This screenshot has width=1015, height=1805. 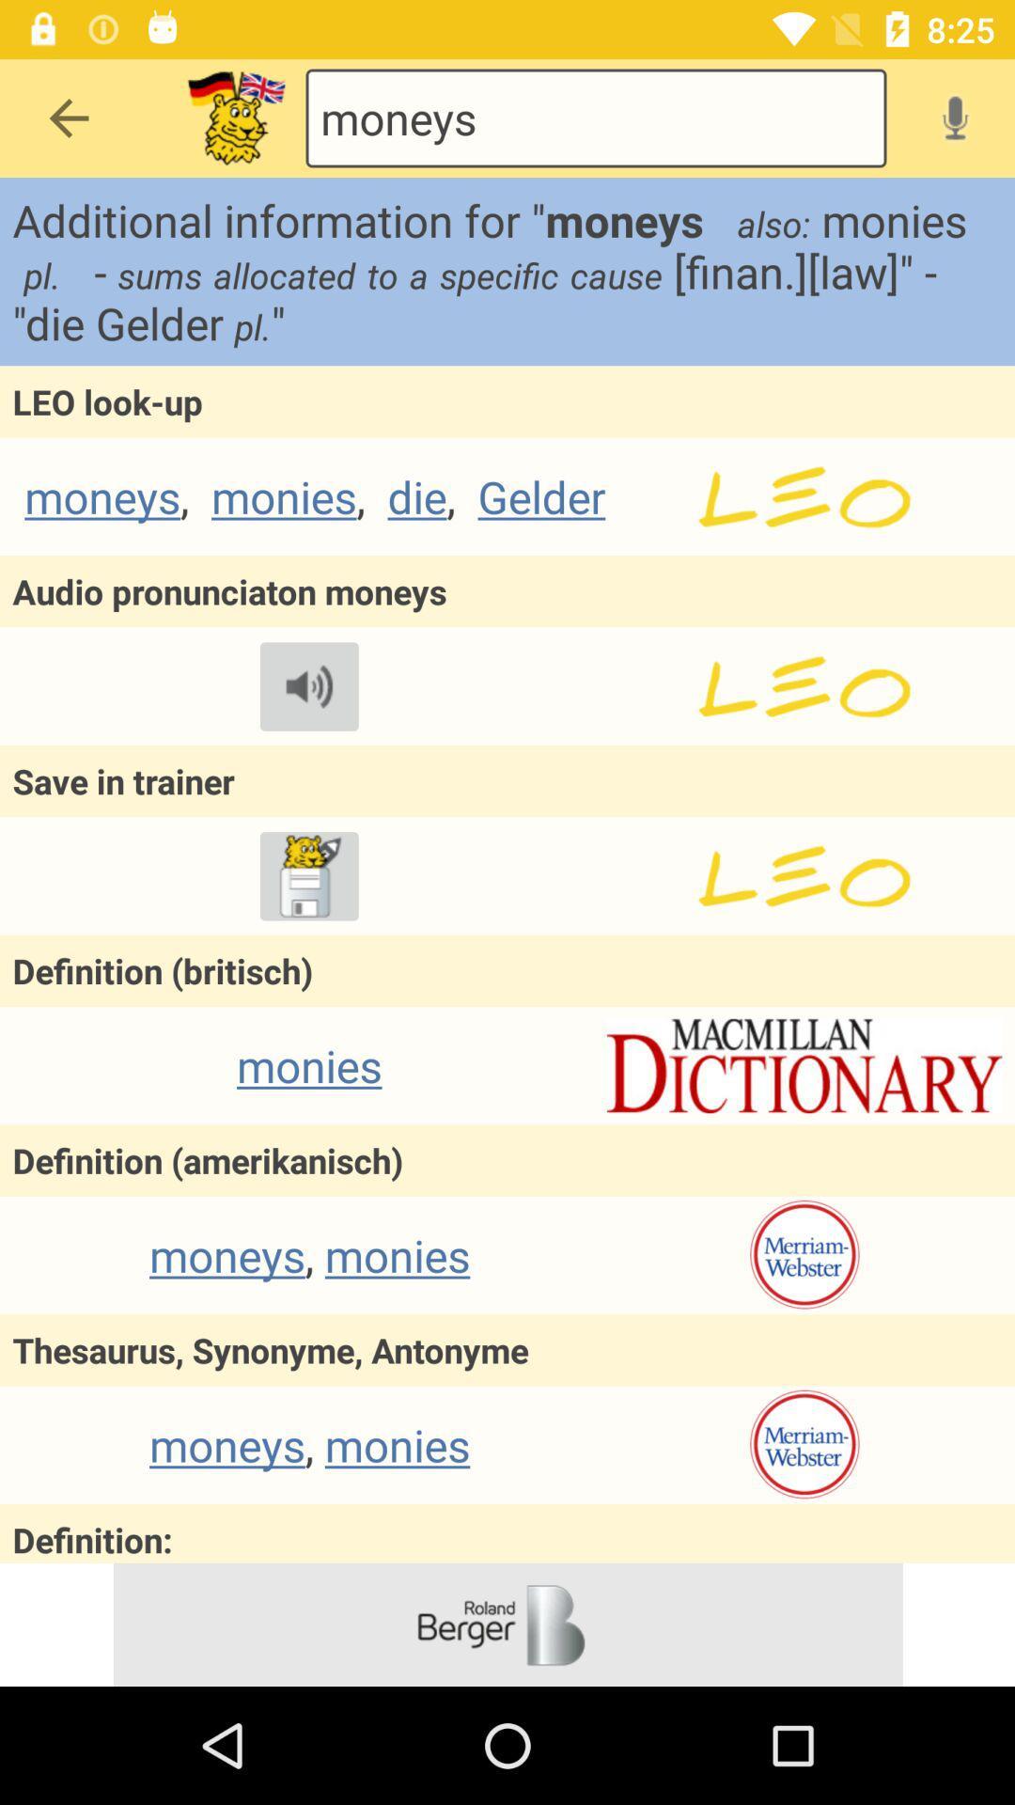 What do you see at coordinates (955, 117) in the screenshot?
I see `toggles record` at bounding box center [955, 117].